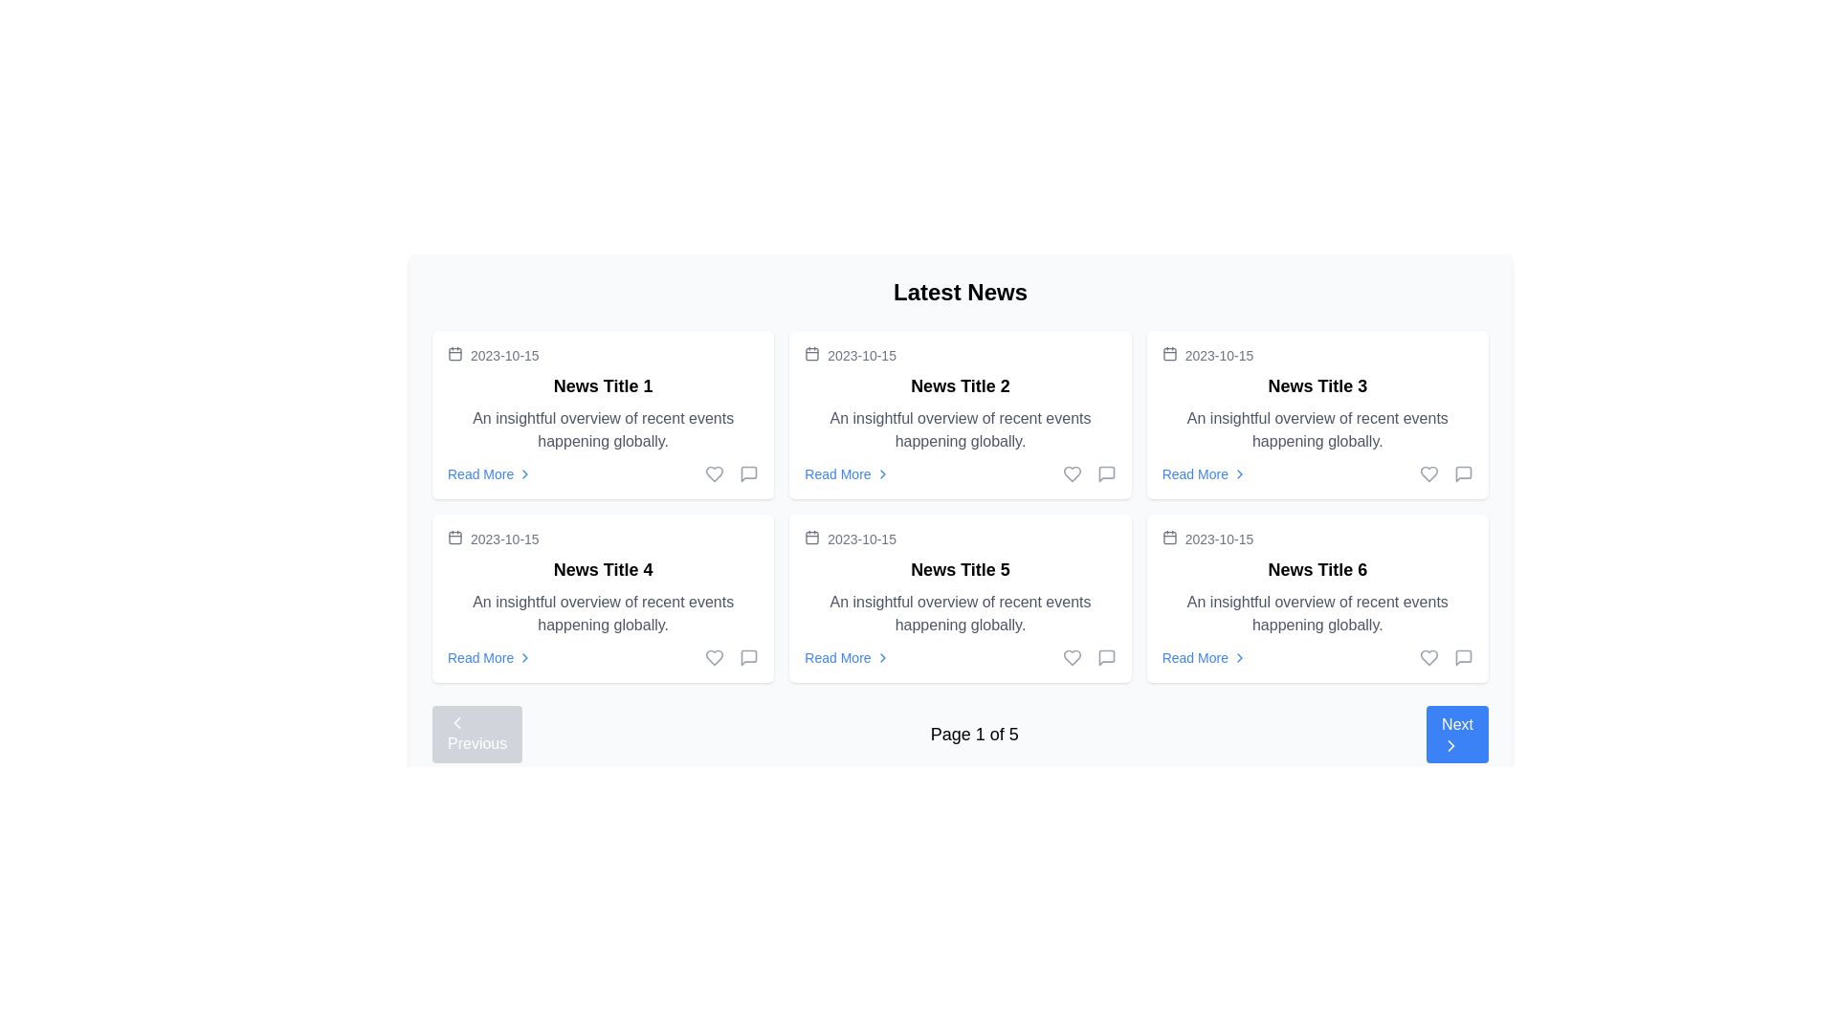 The image size is (1837, 1033). Describe the element at coordinates (1204, 656) in the screenshot. I see `the hyperlink with accompanying icon at the bottom area of the sixth card in the 'Latest News' section` at that location.